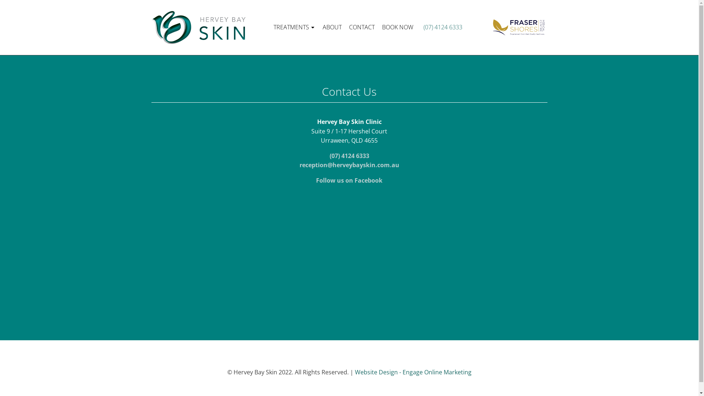 The height and width of the screenshot is (396, 704). What do you see at coordinates (349, 180) in the screenshot?
I see `'Follow us on Facebook'` at bounding box center [349, 180].